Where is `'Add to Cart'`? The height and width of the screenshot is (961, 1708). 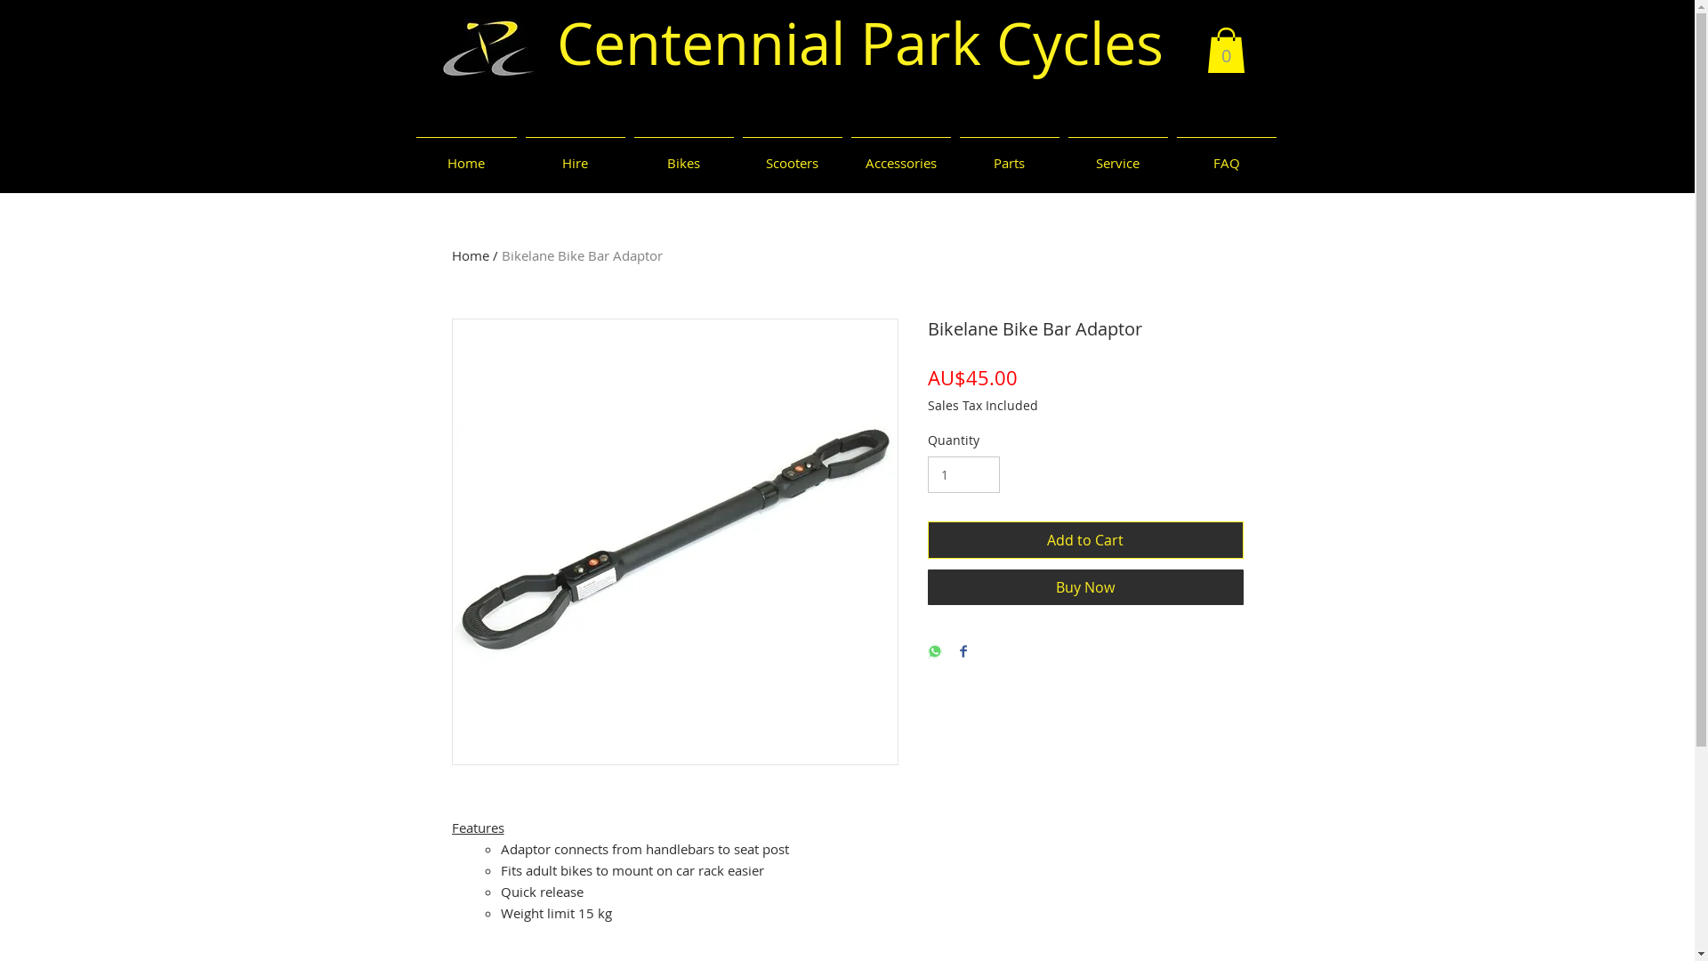
'Add to Cart' is located at coordinates (1084, 538).